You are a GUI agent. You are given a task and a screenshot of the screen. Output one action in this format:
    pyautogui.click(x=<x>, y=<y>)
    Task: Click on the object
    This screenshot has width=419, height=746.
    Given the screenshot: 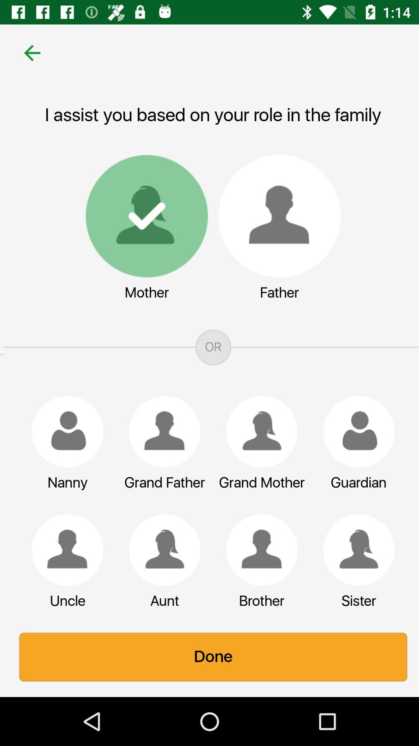 What is the action you would take?
    pyautogui.click(x=63, y=549)
    